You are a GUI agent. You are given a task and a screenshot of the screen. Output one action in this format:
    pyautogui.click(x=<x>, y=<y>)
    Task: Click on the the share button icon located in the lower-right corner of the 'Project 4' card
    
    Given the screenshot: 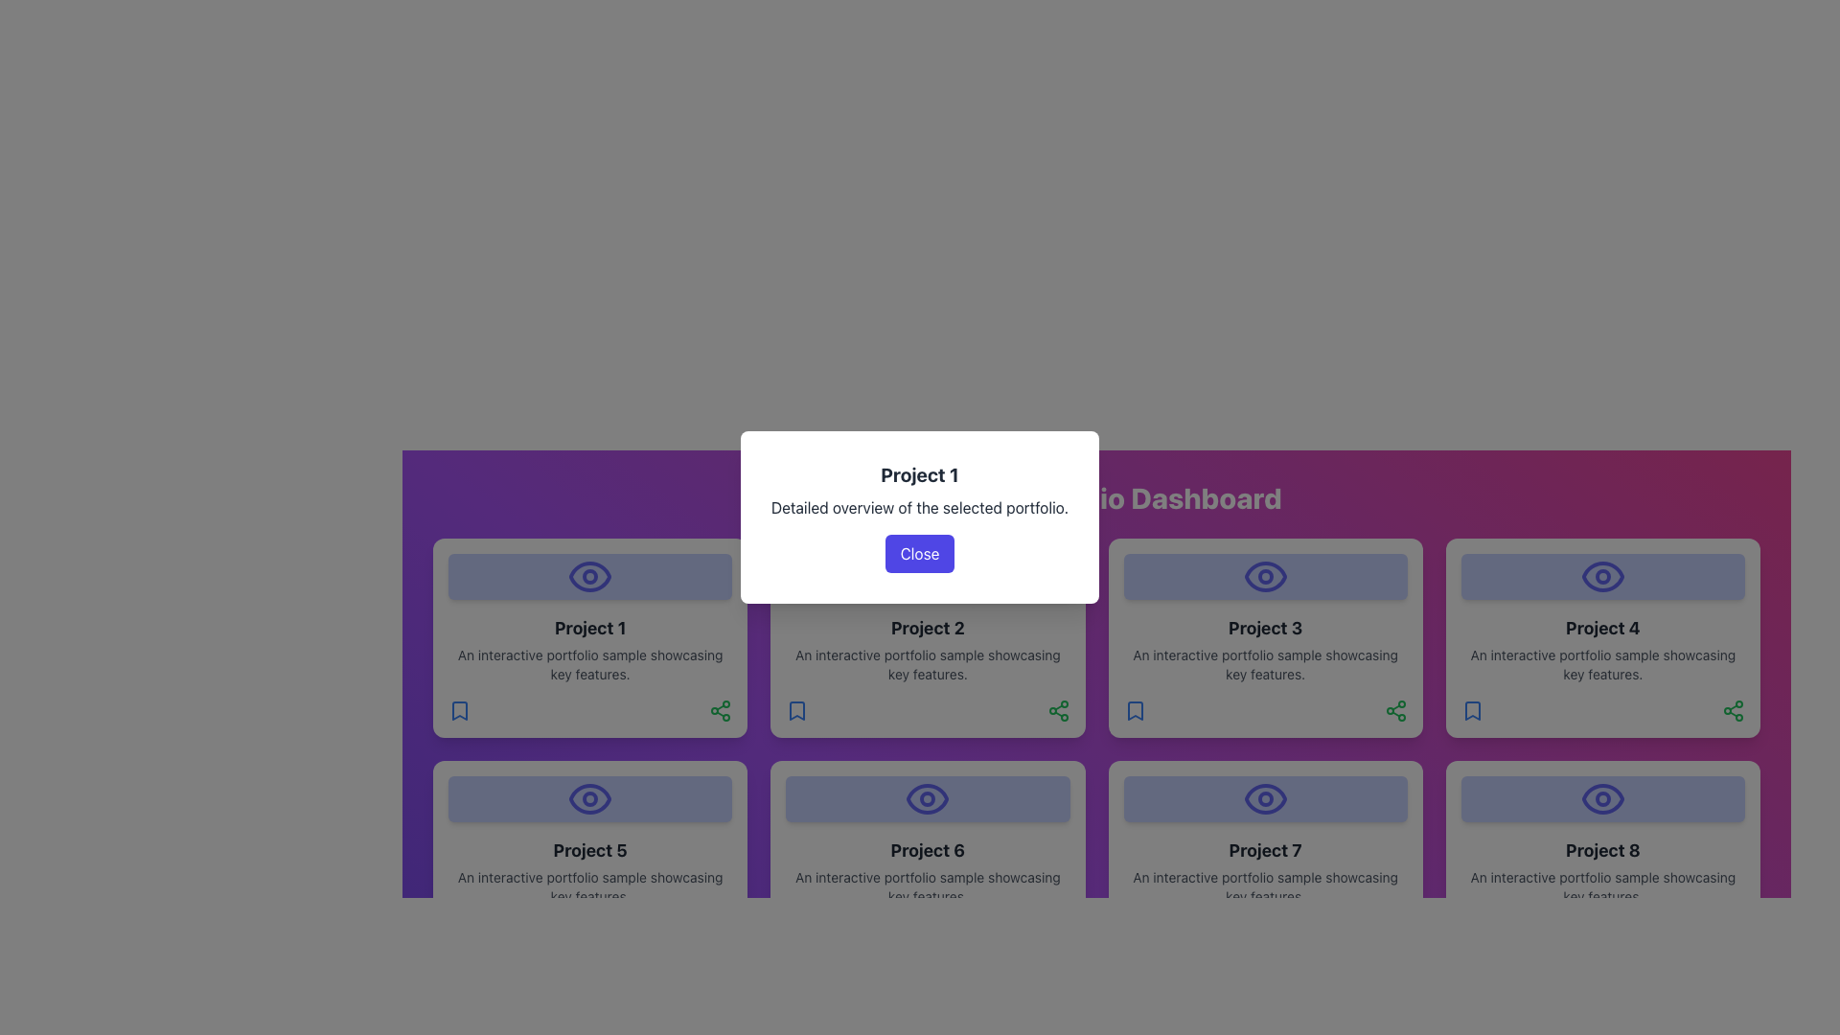 What is the action you would take?
    pyautogui.click(x=1734, y=710)
    